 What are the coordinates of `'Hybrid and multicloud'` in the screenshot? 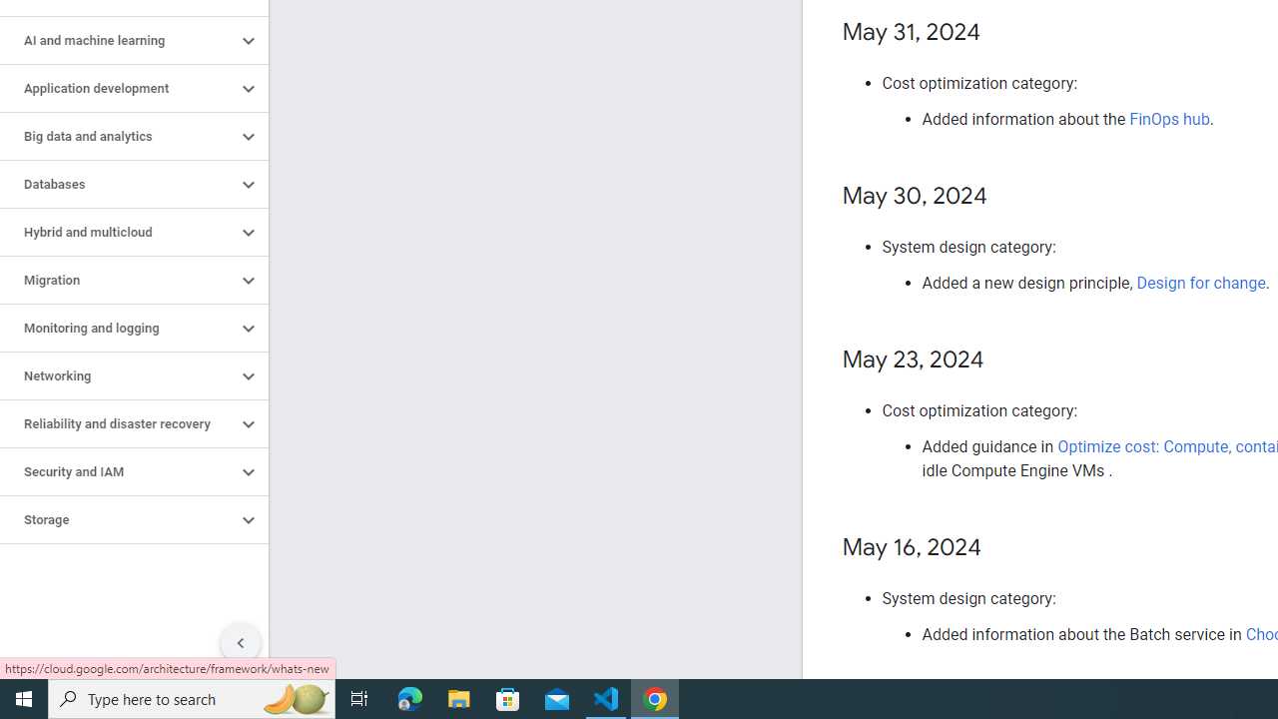 It's located at (117, 231).